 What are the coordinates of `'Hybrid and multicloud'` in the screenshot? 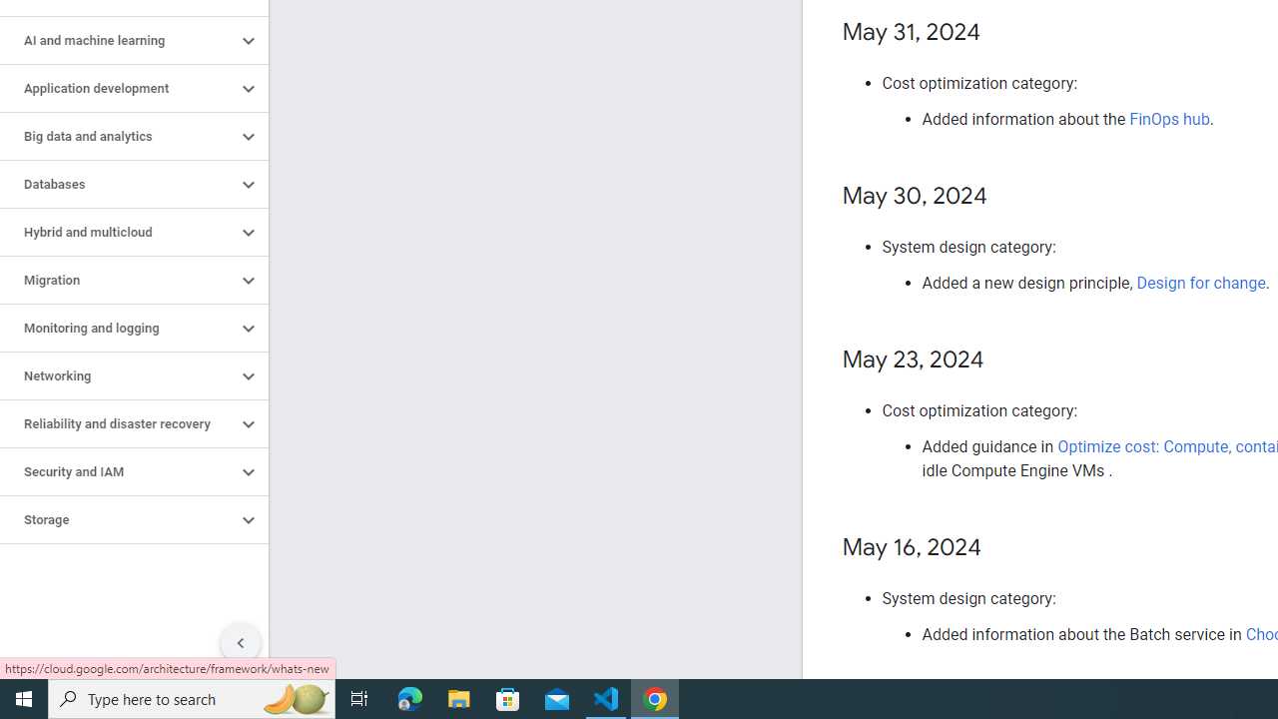 It's located at (117, 231).